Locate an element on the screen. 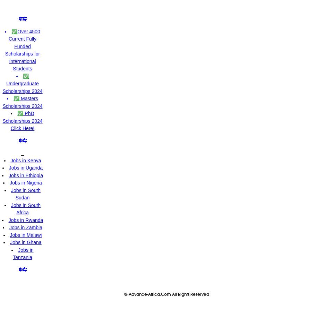  'Jobs in Ghana' is located at coordinates (26, 242).